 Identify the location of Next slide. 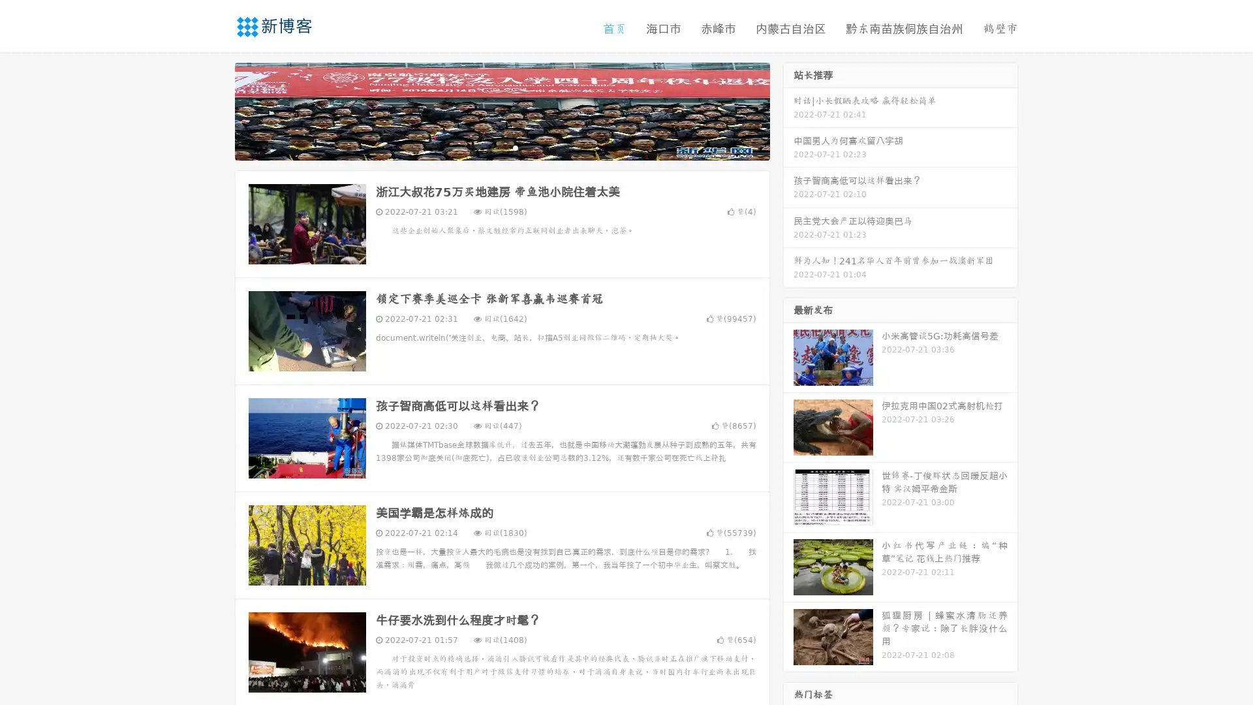
(788, 110).